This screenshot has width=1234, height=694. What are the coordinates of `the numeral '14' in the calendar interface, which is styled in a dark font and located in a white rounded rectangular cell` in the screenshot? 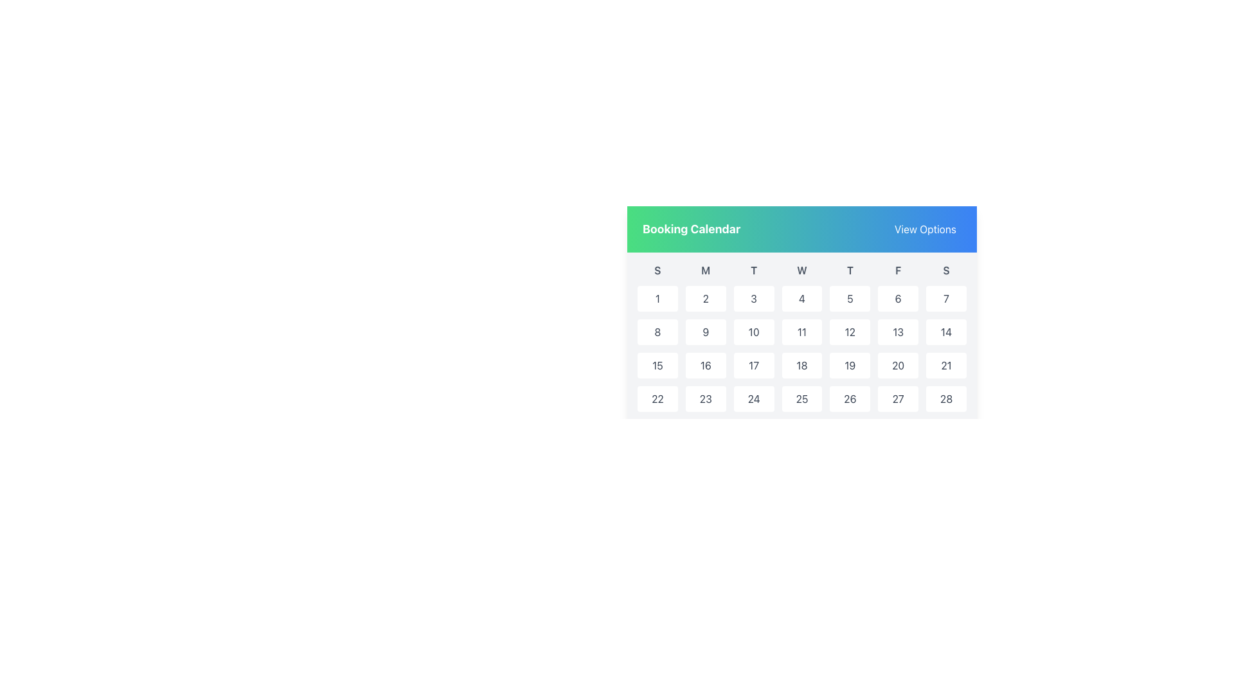 It's located at (946, 331).